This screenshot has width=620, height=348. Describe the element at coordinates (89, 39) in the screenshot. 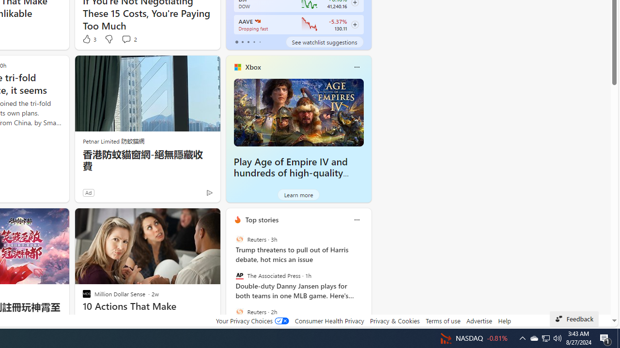

I see `'3 Like'` at that location.